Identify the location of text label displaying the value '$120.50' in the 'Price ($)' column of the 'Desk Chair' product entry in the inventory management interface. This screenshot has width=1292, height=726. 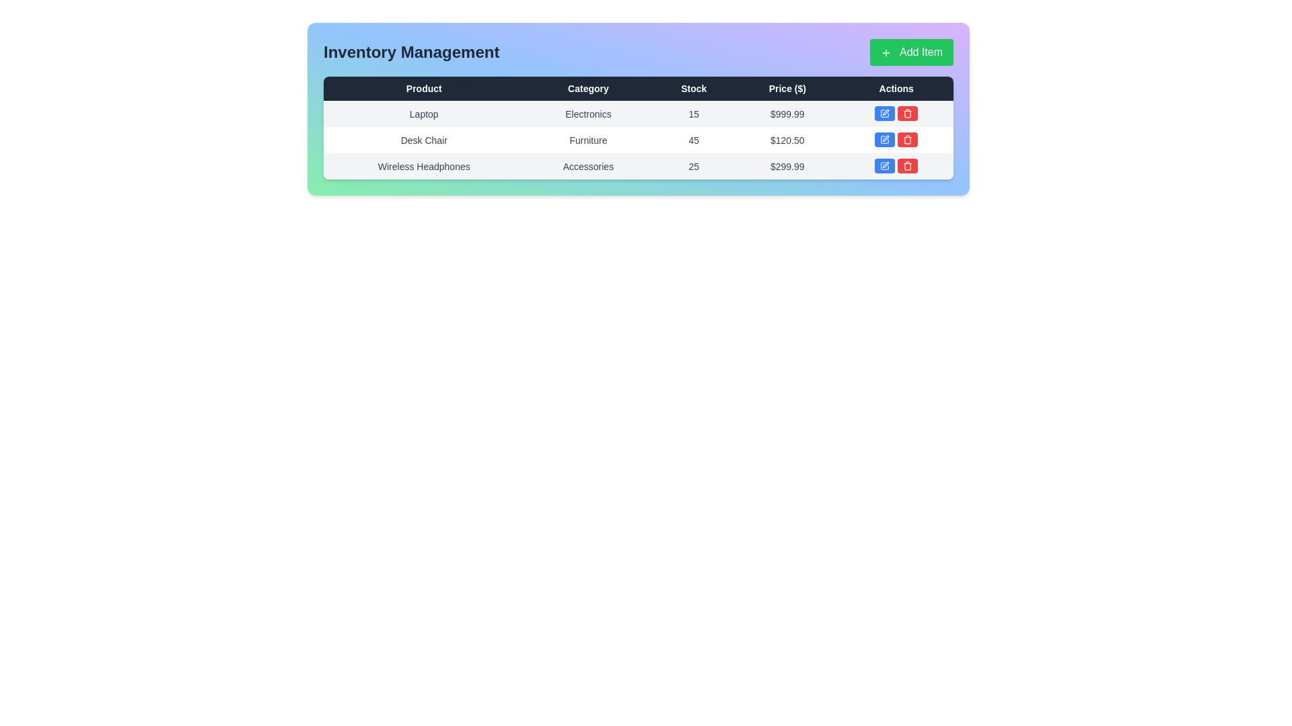
(787, 140).